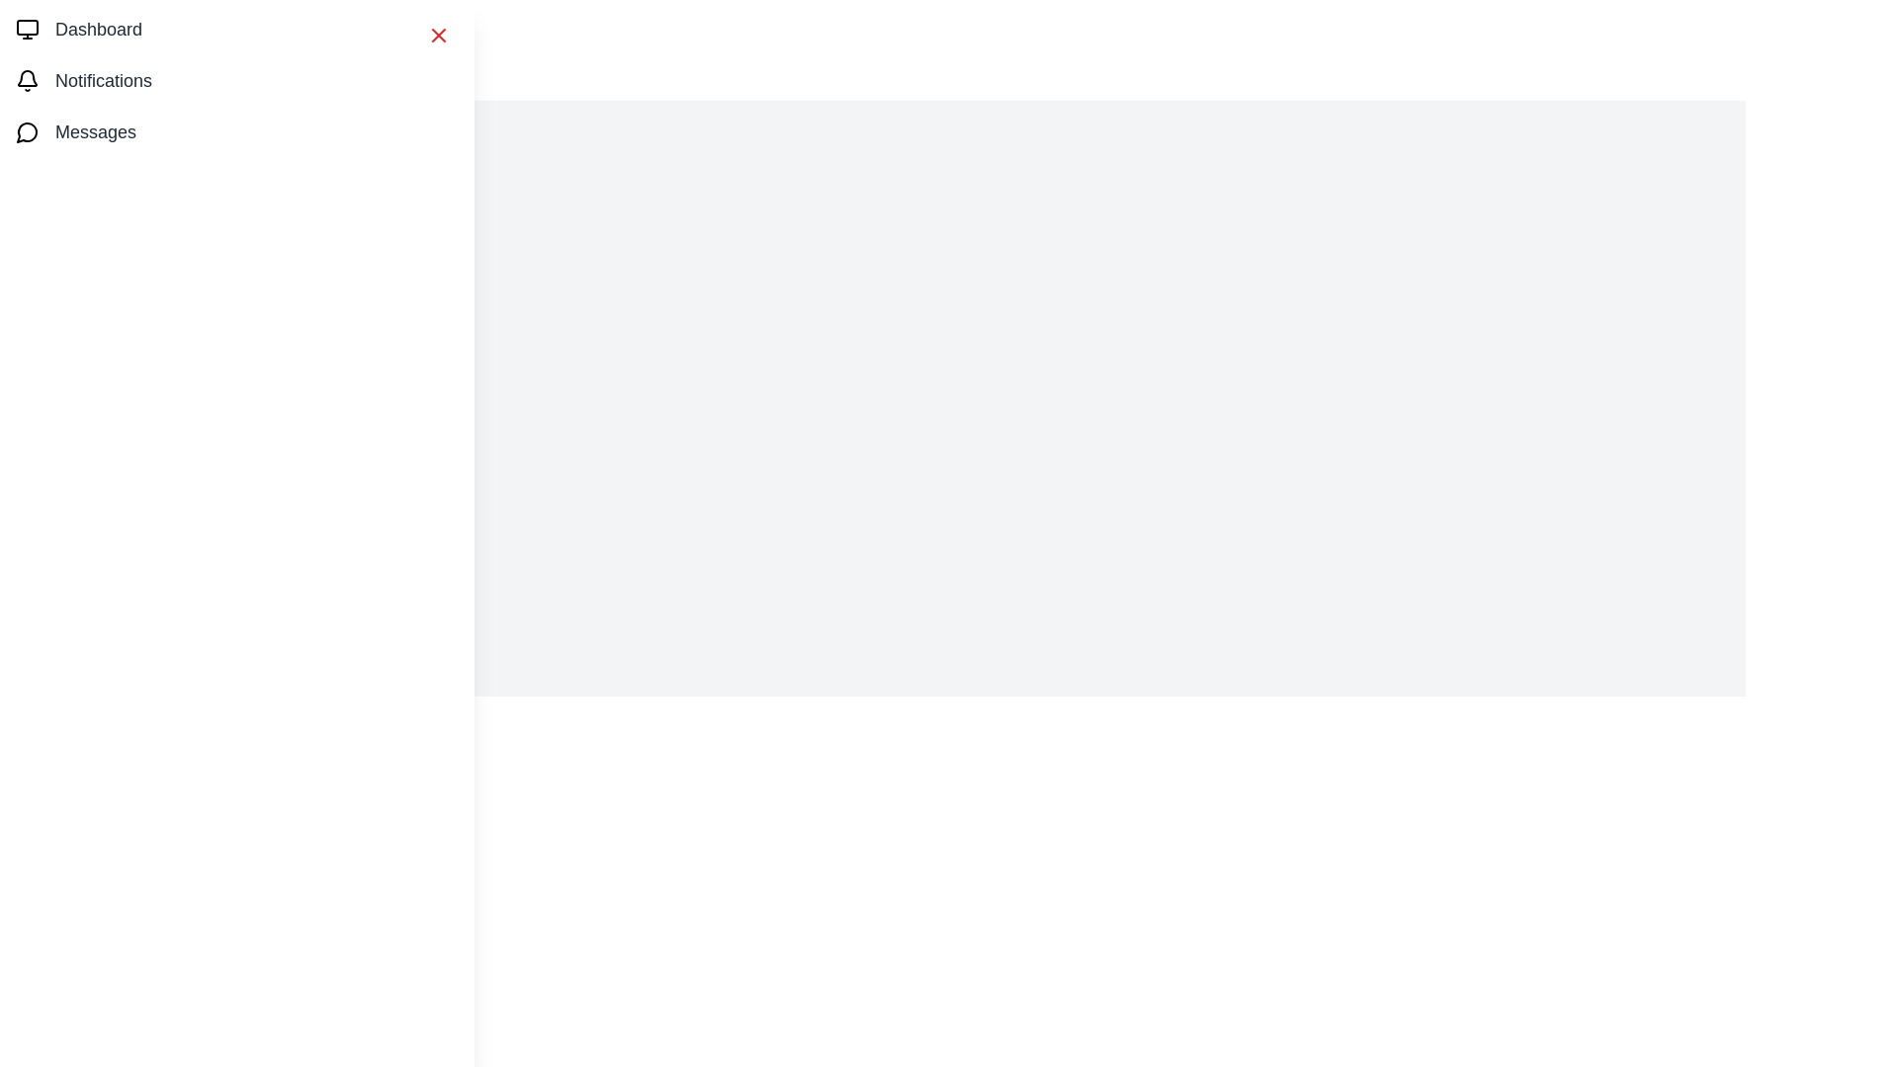  What do you see at coordinates (237, 132) in the screenshot?
I see `the 'Messages' menu item in the drawer` at bounding box center [237, 132].